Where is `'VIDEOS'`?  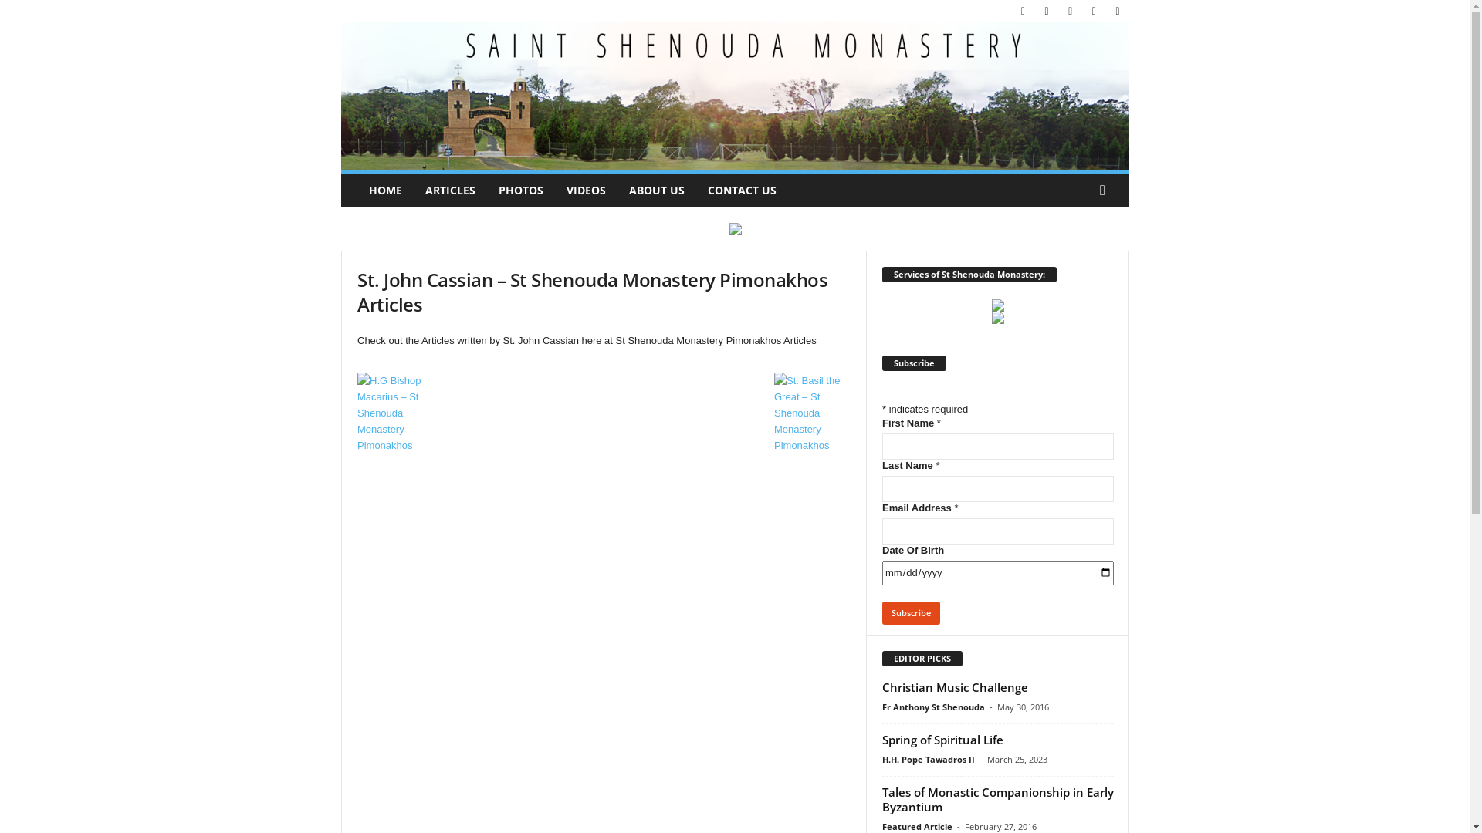
'VIDEOS' is located at coordinates (585, 189).